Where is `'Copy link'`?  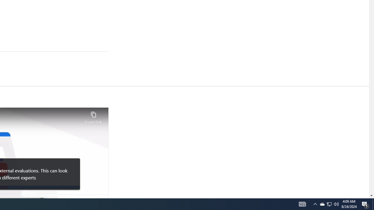 'Copy link' is located at coordinates (93, 116).